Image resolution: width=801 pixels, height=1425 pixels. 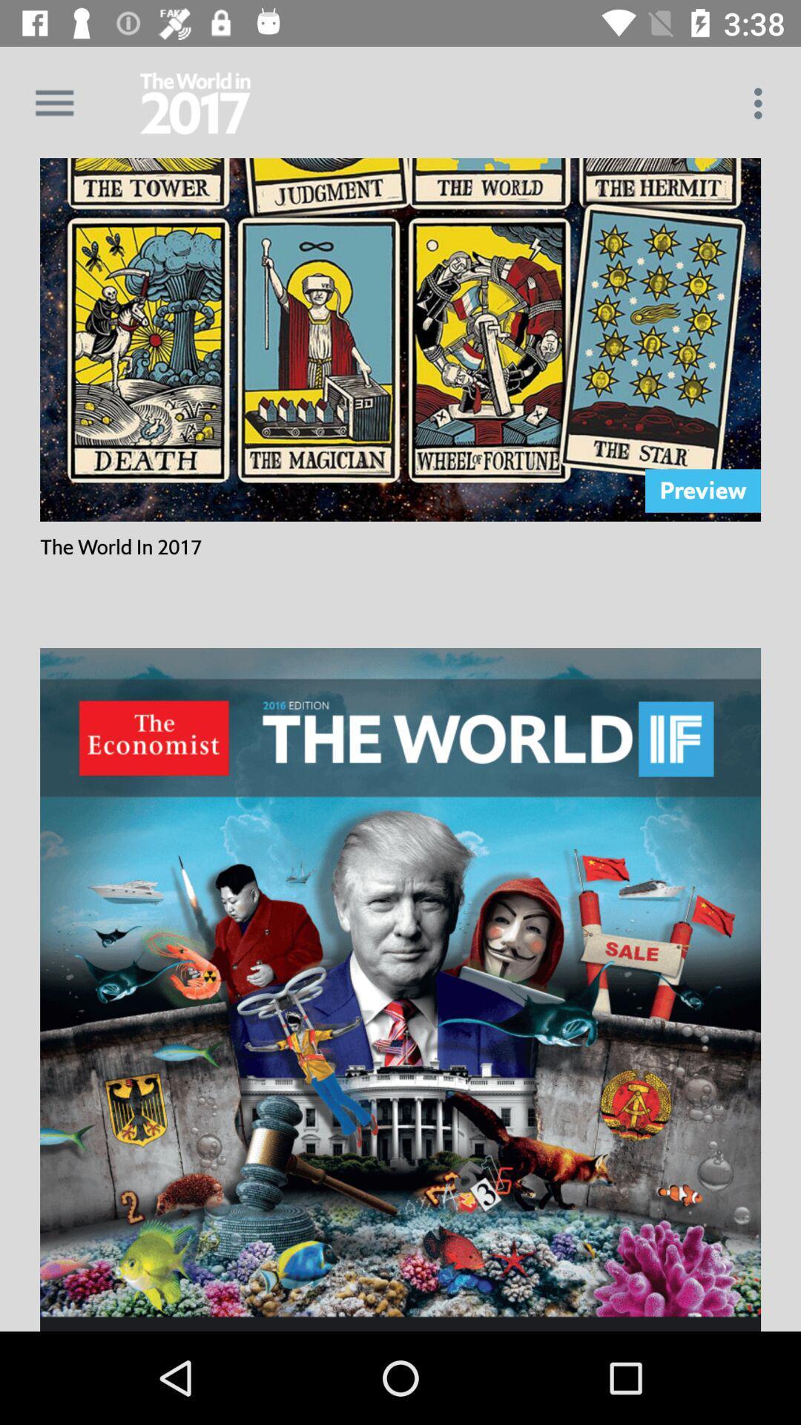 What do you see at coordinates (762, 102) in the screenshot?
I see `the item at the top right corner` at bounding box center [762, 102].